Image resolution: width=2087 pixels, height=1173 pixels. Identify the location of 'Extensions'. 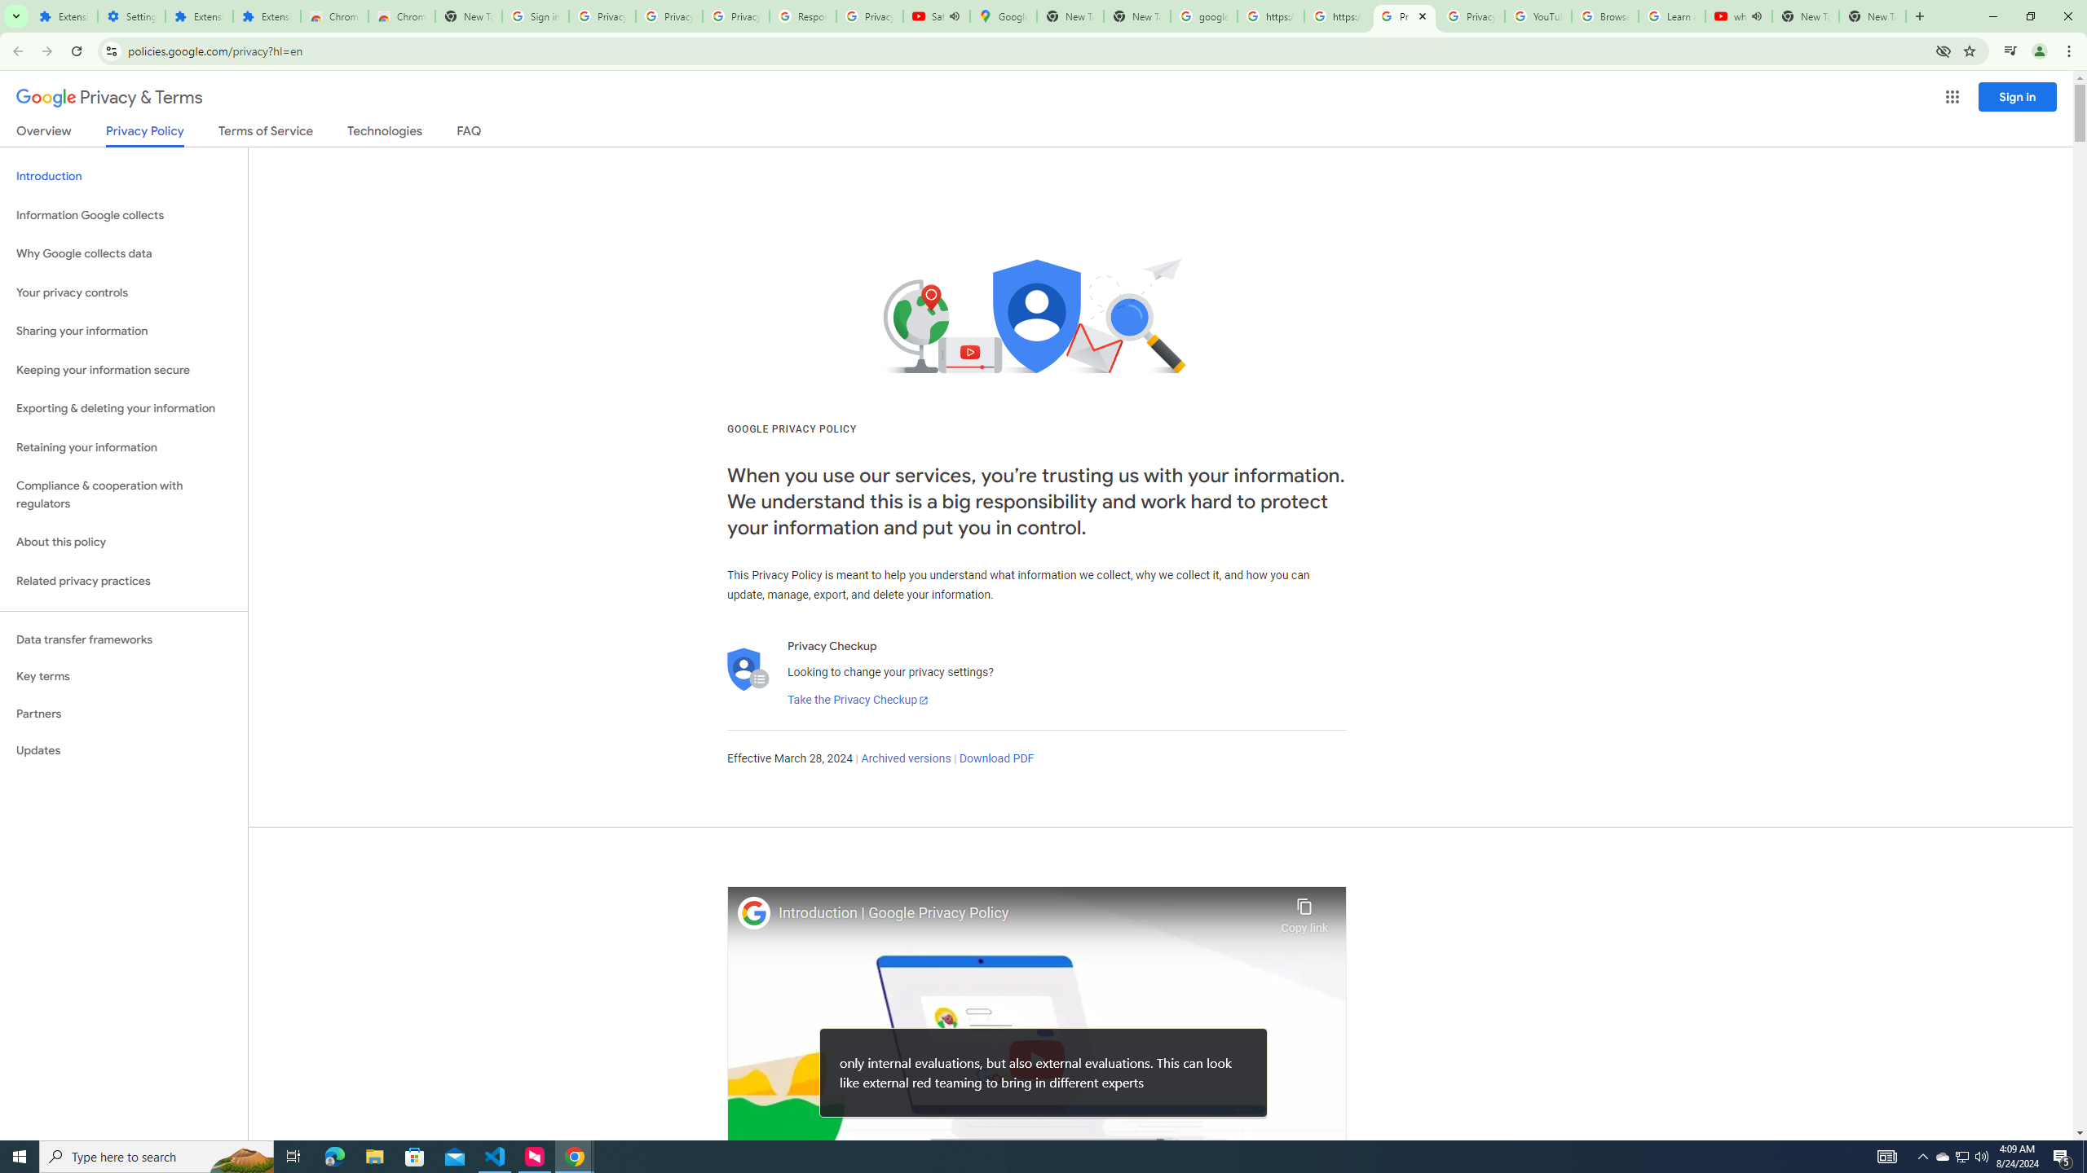
(199, 15).